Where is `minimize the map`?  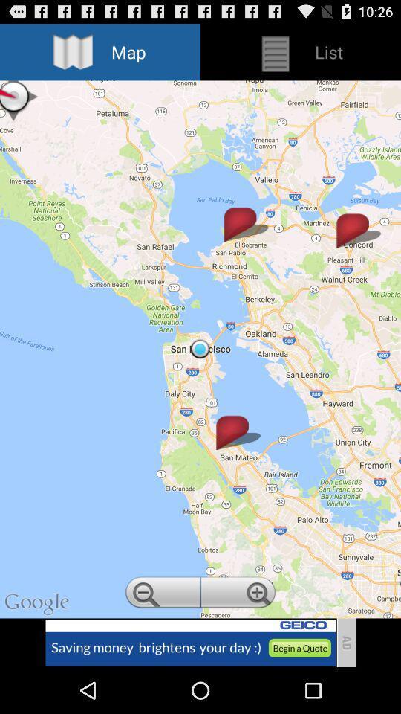 minimize the map is located at coordinates (160, 594).